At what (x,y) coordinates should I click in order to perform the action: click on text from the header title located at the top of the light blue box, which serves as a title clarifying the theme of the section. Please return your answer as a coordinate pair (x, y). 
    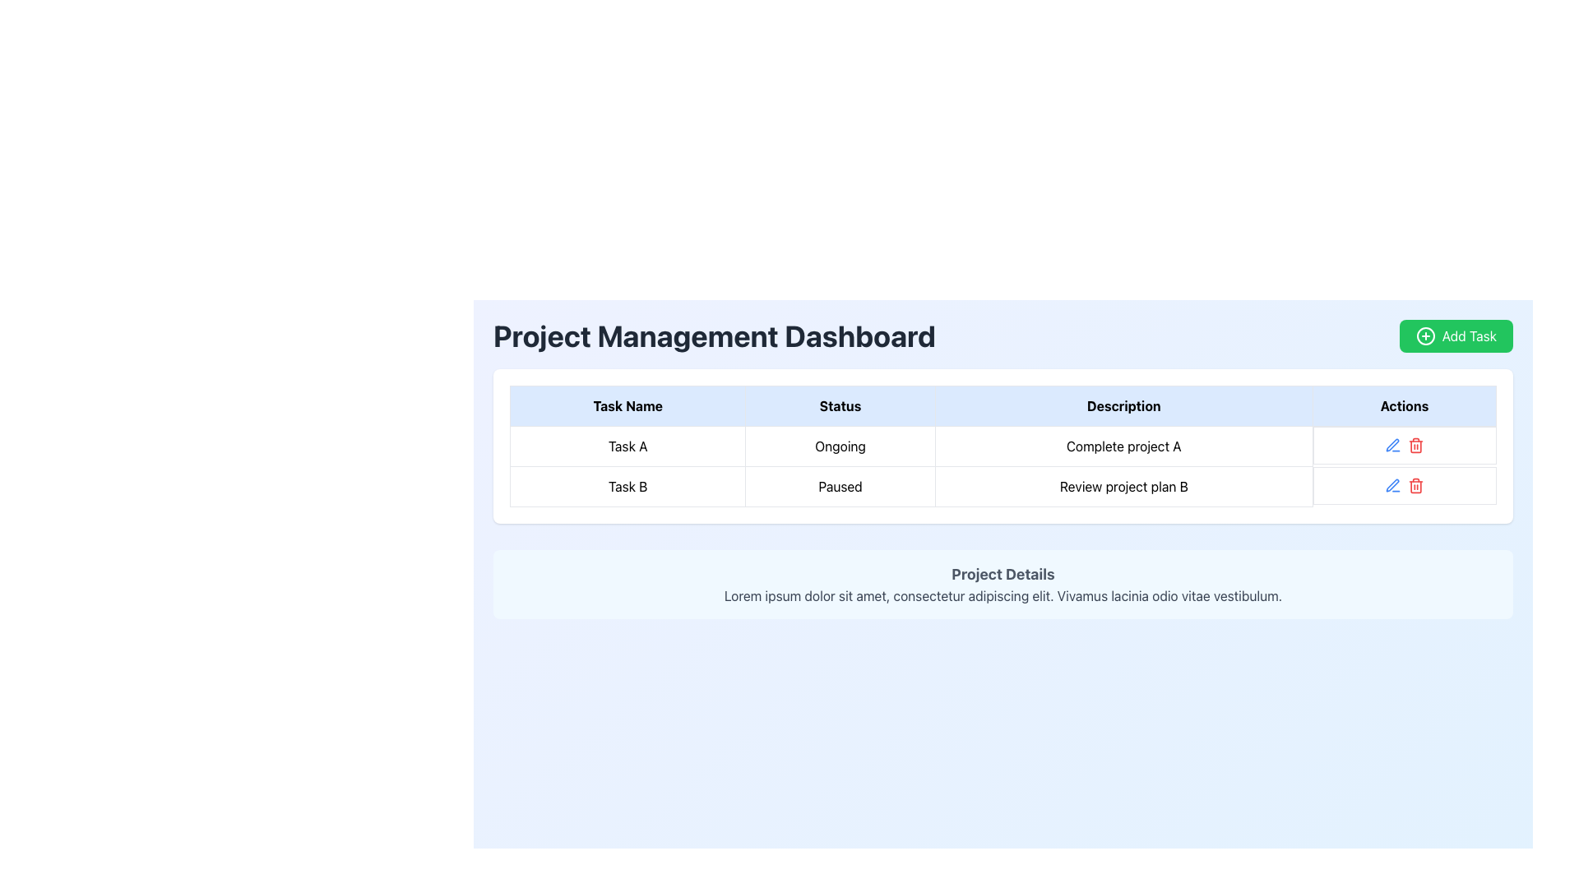
    Looking at the image, I should click on (1002, 573).